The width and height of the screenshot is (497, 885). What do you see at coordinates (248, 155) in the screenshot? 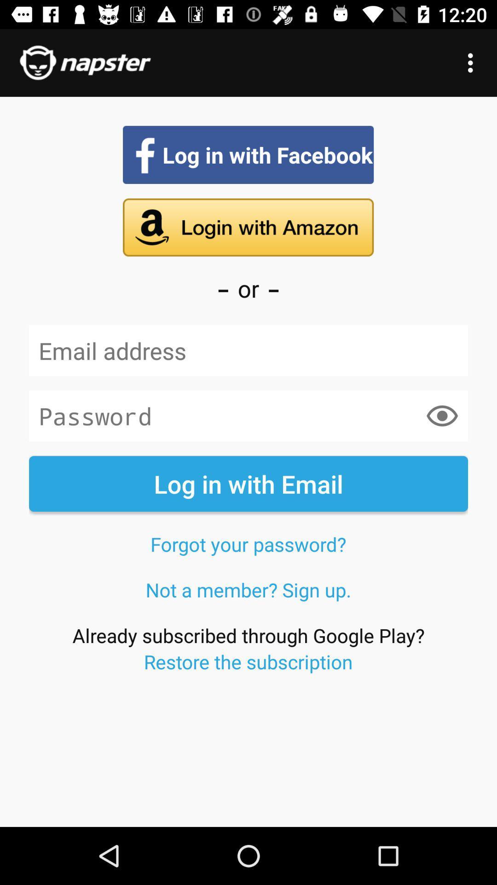
I see `log in with facebook option` at bounding box center [248, 155].